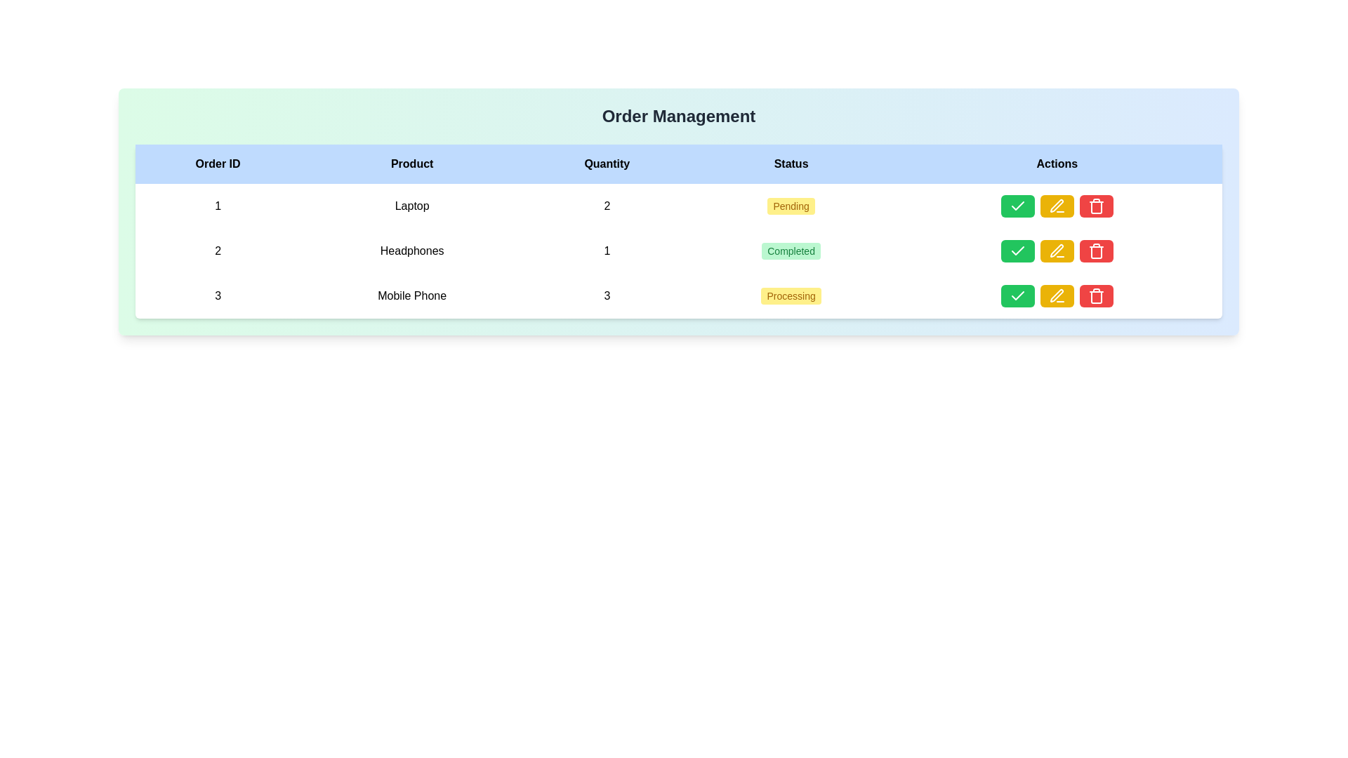 This screenshot has width=1348, height=758. Describe the element at coordinates (1095, 295) in the screenshot. I see `the delete icon button located in the 'Actions' column of the third row of the table` at that location.